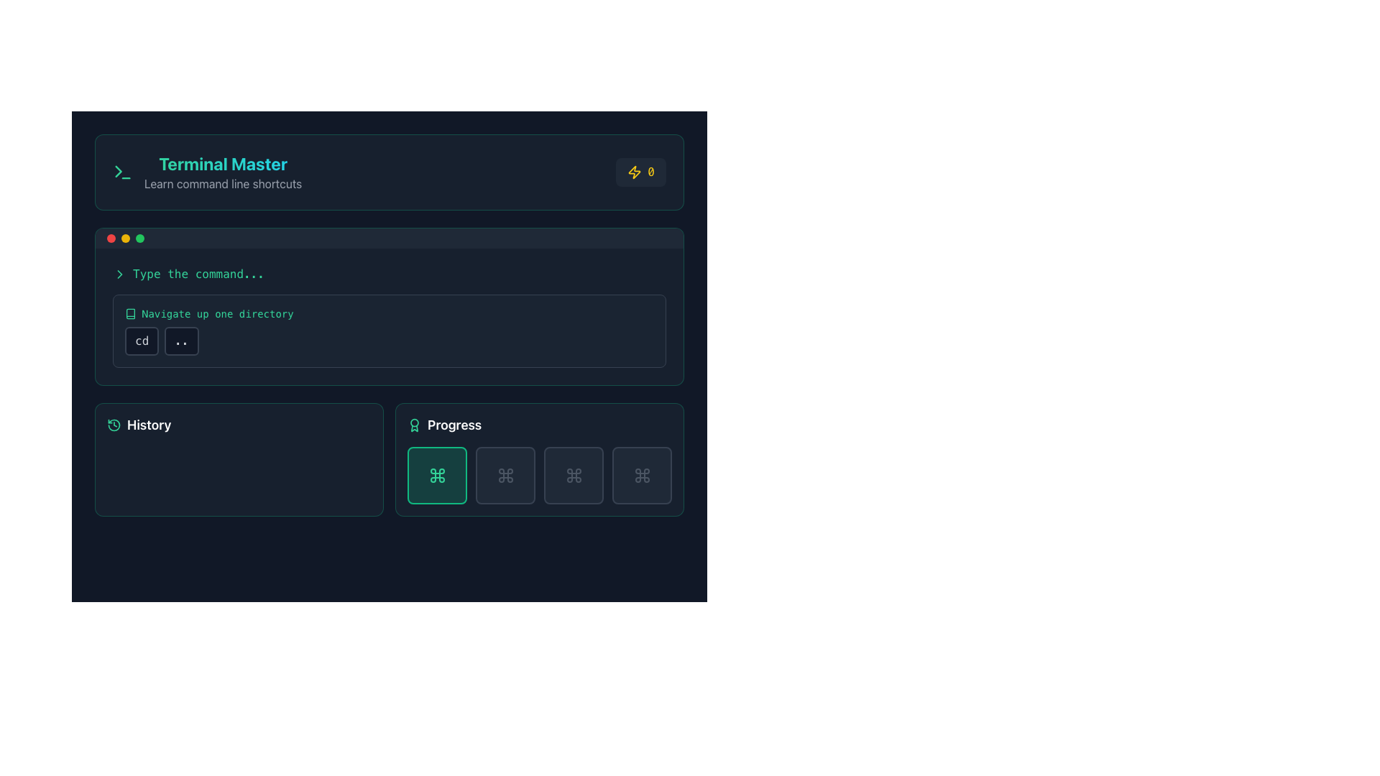 This screenshot has width=1380, height=776. I want to click on the chevron right icon located in the top-right corner of its containing box, so click(120, 274).